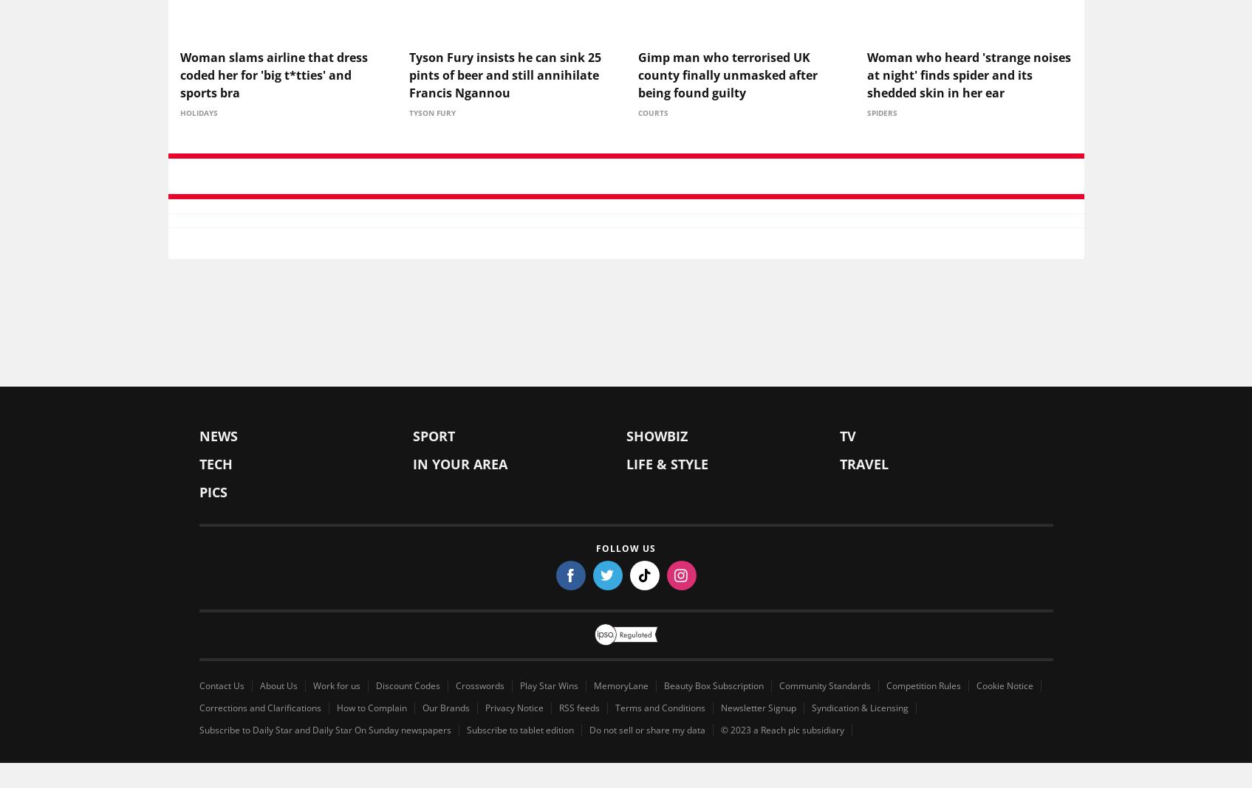  Describe the element at coordinates (626, 551) in the screenshot. I see `'Follow us'` at that location.